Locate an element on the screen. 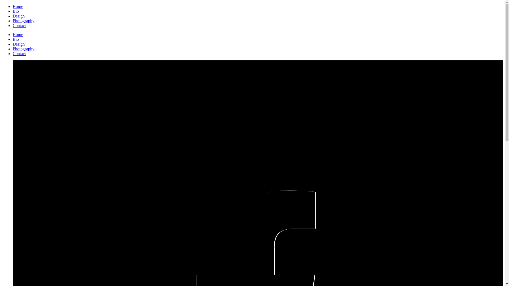 This screenshot has width=509, height=286. 'Bio' is located at coordinates (16, 39).